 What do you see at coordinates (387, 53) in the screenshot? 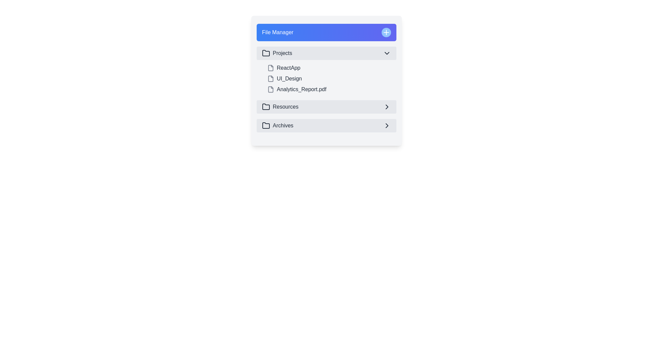
I see `the Dropdown toggle button located to the far right of the 'Projects' row in the 'File Manager' section to indicate it is interactive` at bounding box center [387, 53].